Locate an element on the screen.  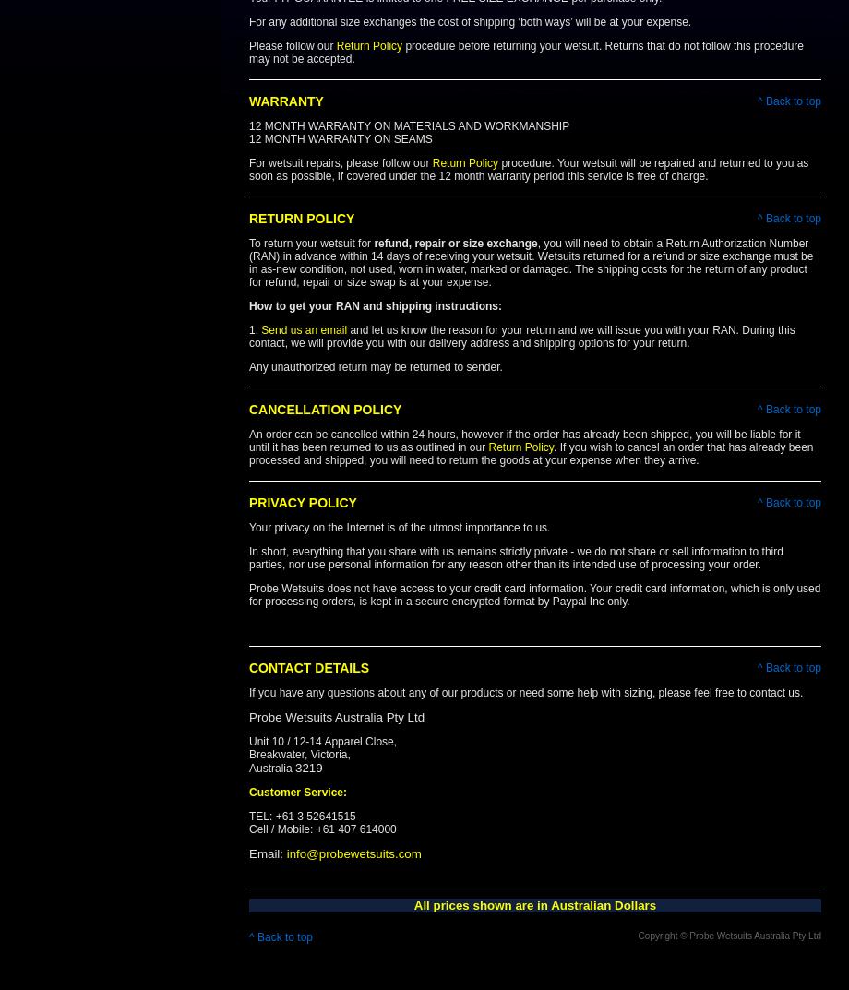
'Copyright 
                © Probe Wetsuits Australia Pty Ltd' is located at coordinates (638, 936).